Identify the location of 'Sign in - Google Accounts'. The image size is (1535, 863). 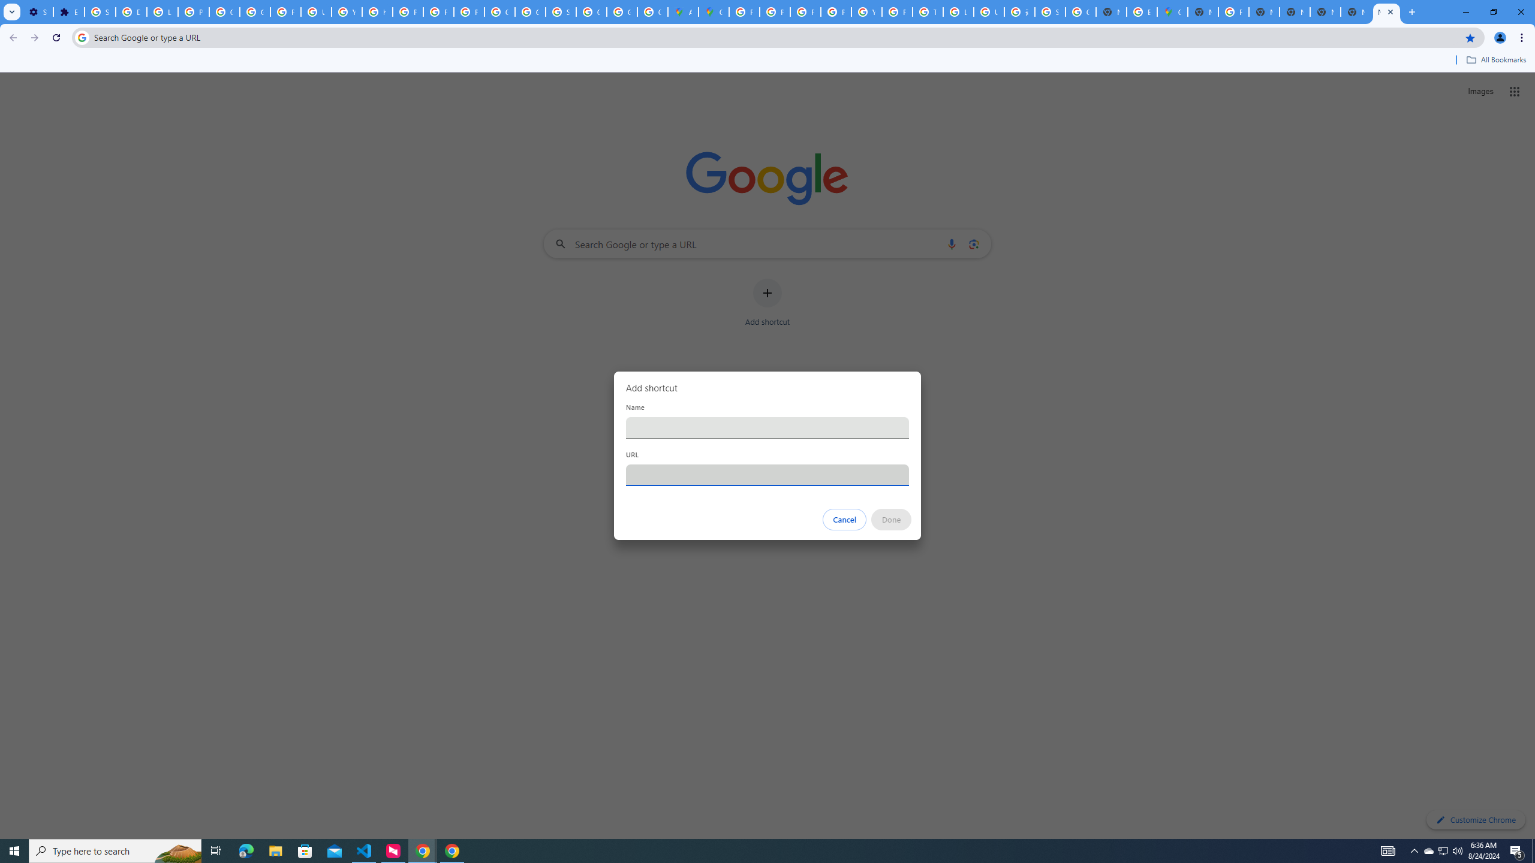
(100, 11).